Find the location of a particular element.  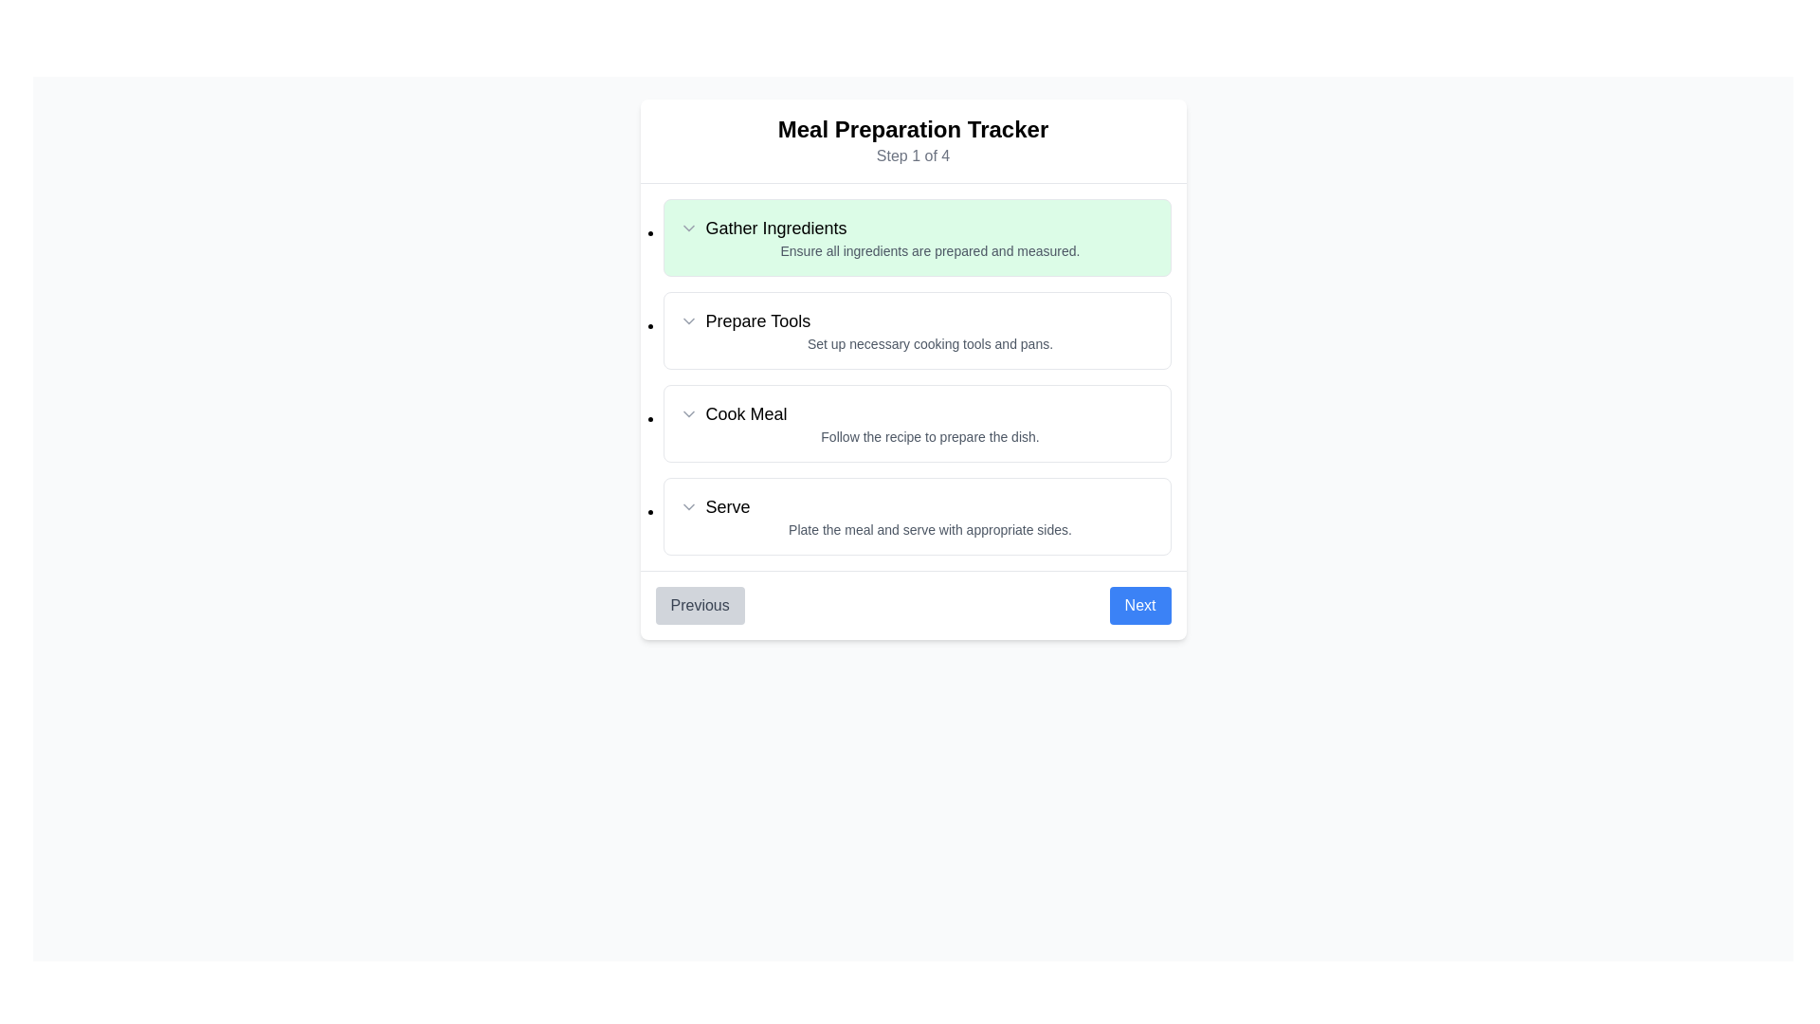

text element that states 'Follow the recipe to prepare the dish.' located below the title 'Cook Meal' in the third step panel of the meal preparation guide is located at coordinates (930, 437).